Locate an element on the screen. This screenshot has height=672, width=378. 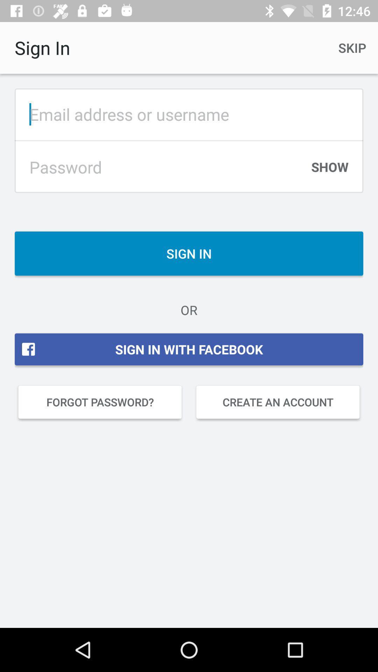
email is located at coordinates (189, 114).